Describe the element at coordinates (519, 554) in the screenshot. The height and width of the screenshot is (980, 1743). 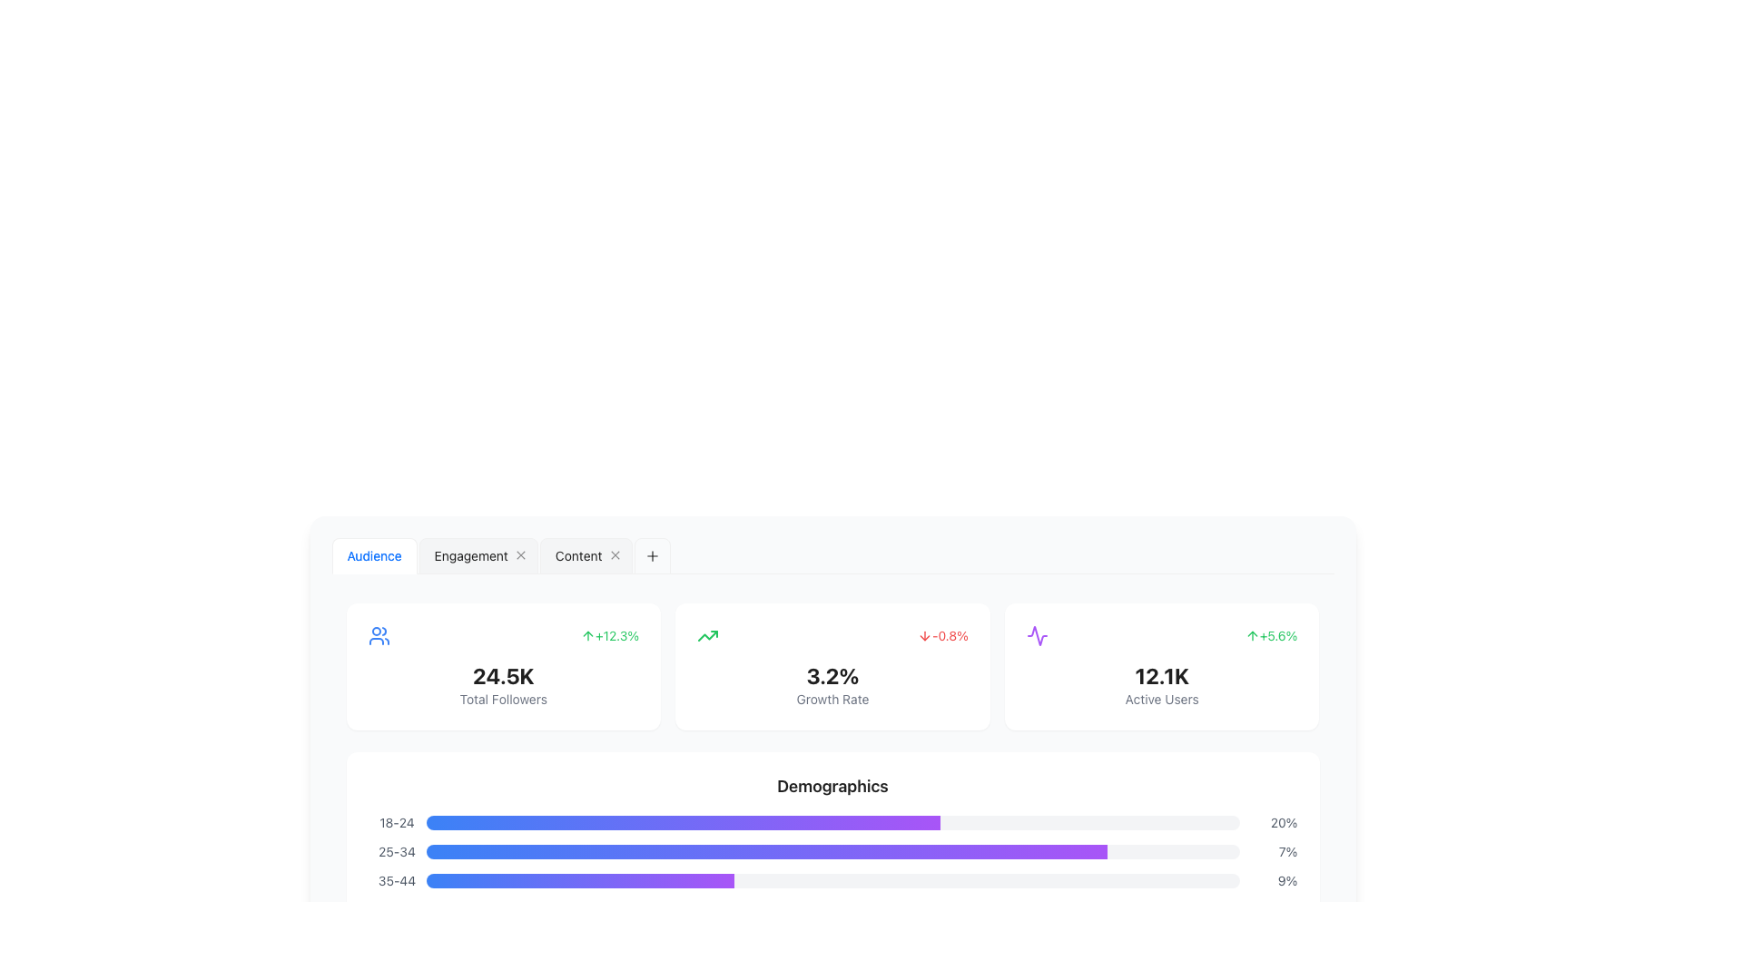
I see `the close button, which is a small circular icon resembling an 'X', located to the right of the 'Engagement' tab label` at that location.